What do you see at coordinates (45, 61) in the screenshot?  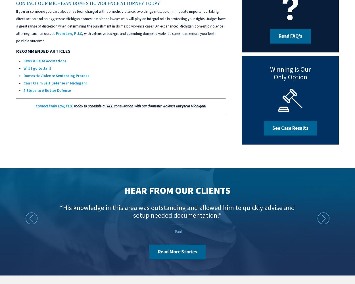 I see `'Laws & False Accusations'` at bounding box center [45, 61].